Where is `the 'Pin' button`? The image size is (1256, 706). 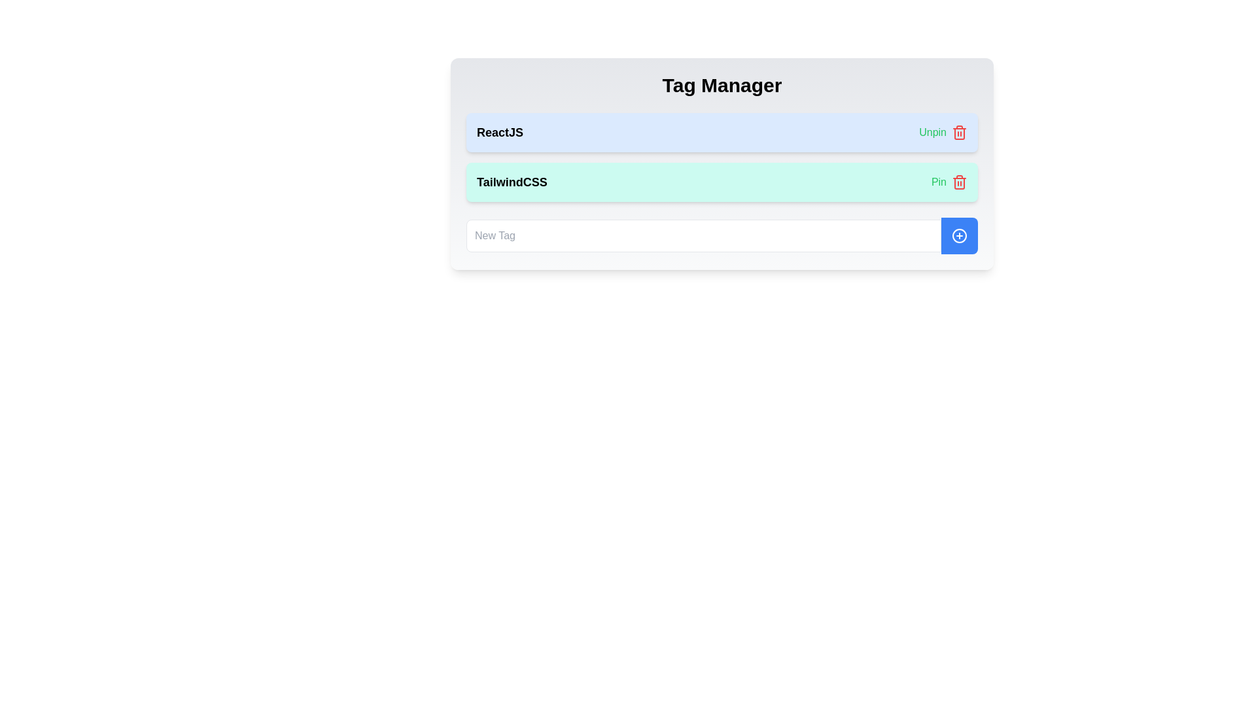 the 'Pin' button is located at coordinates (938, 182).